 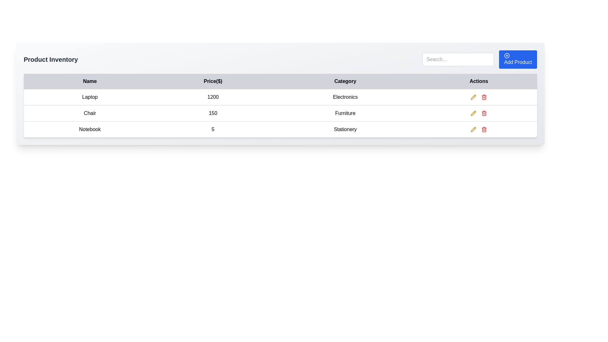 I want to click on the text element displaying '5' in black font, located in the 'Price($)' column of the table for the item 'Notebook', so click(x=213, y=129).